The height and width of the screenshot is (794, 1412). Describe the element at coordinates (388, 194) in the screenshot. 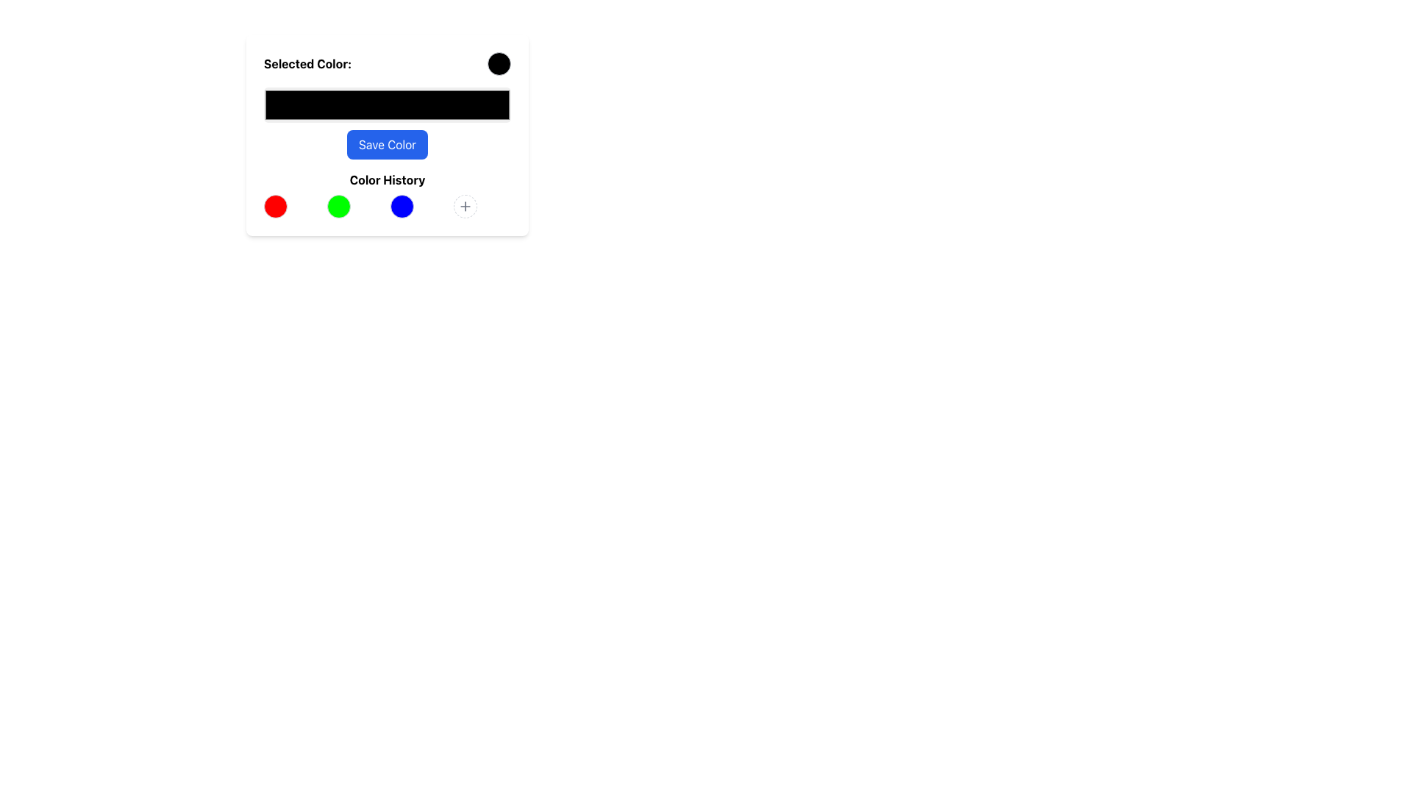

I see `the Text label that represents the heading for the color selection history section, located above the color options` at that location.